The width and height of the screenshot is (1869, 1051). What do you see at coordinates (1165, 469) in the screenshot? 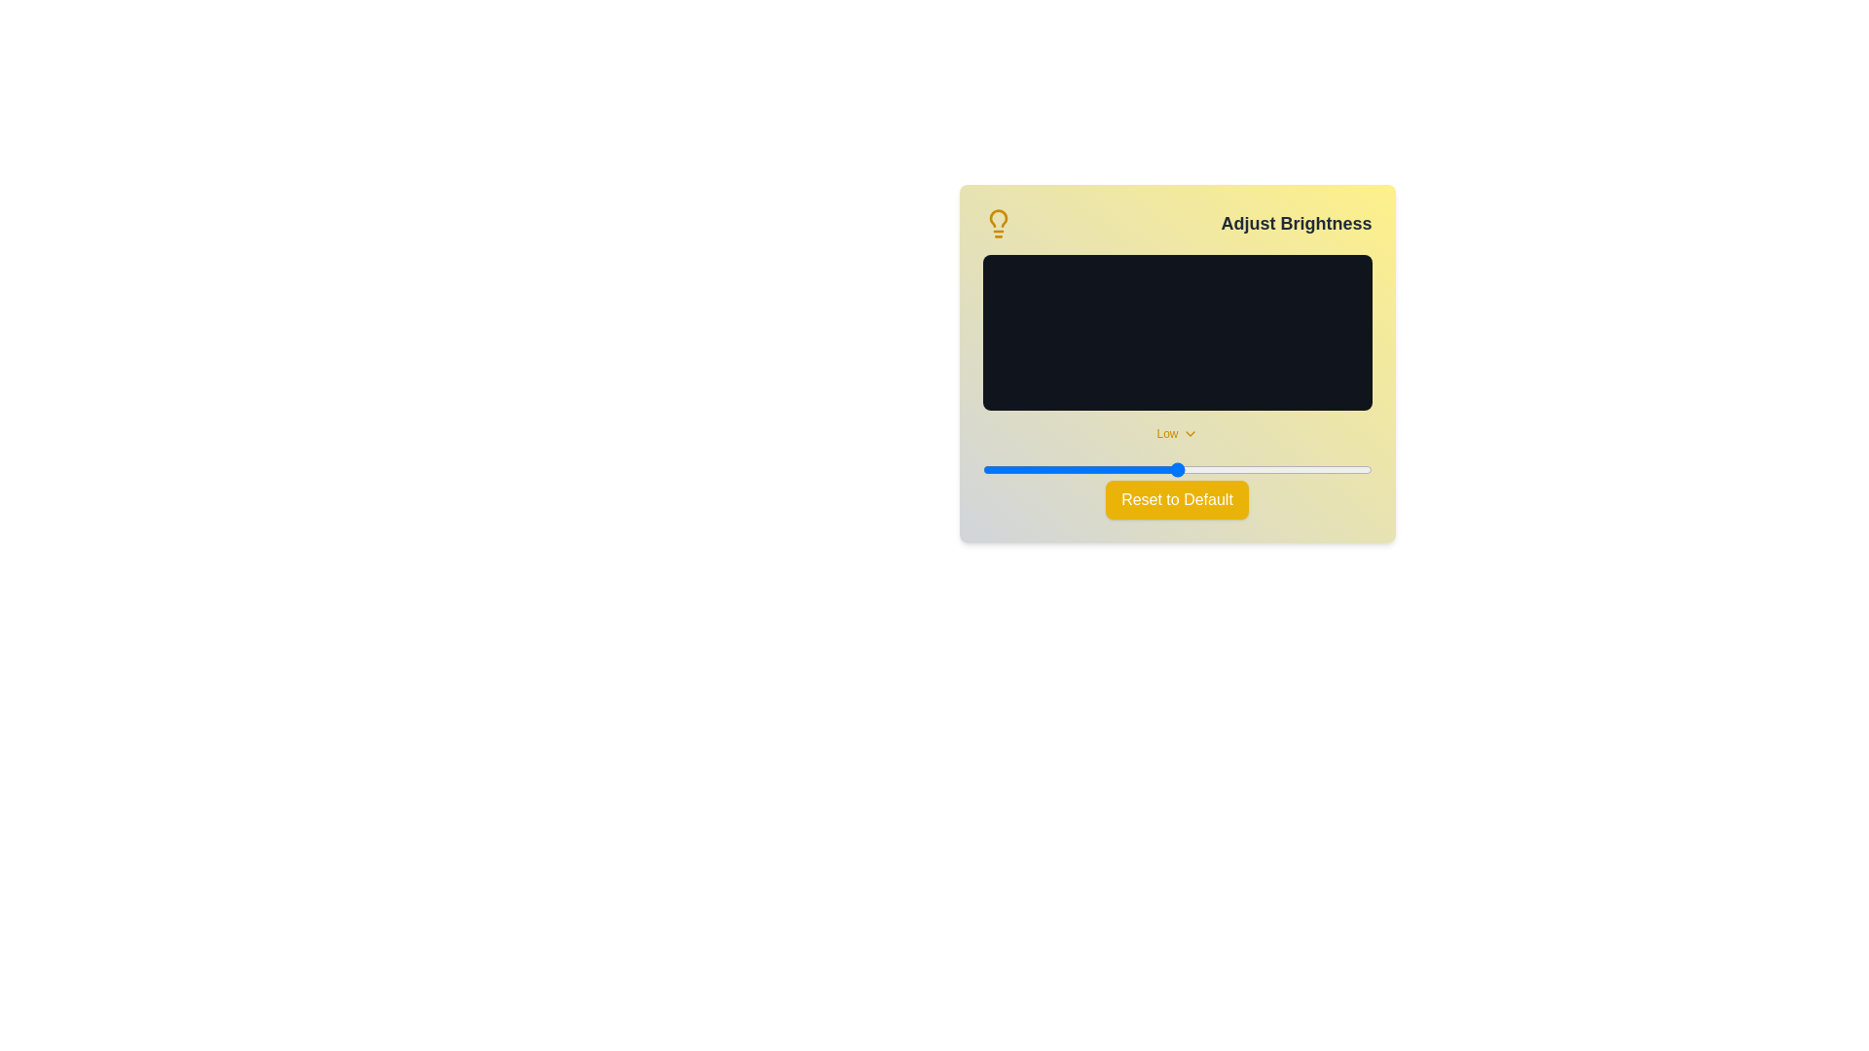
I see `the brightness slider to 47 percent` at bounding box center [1165, 469].